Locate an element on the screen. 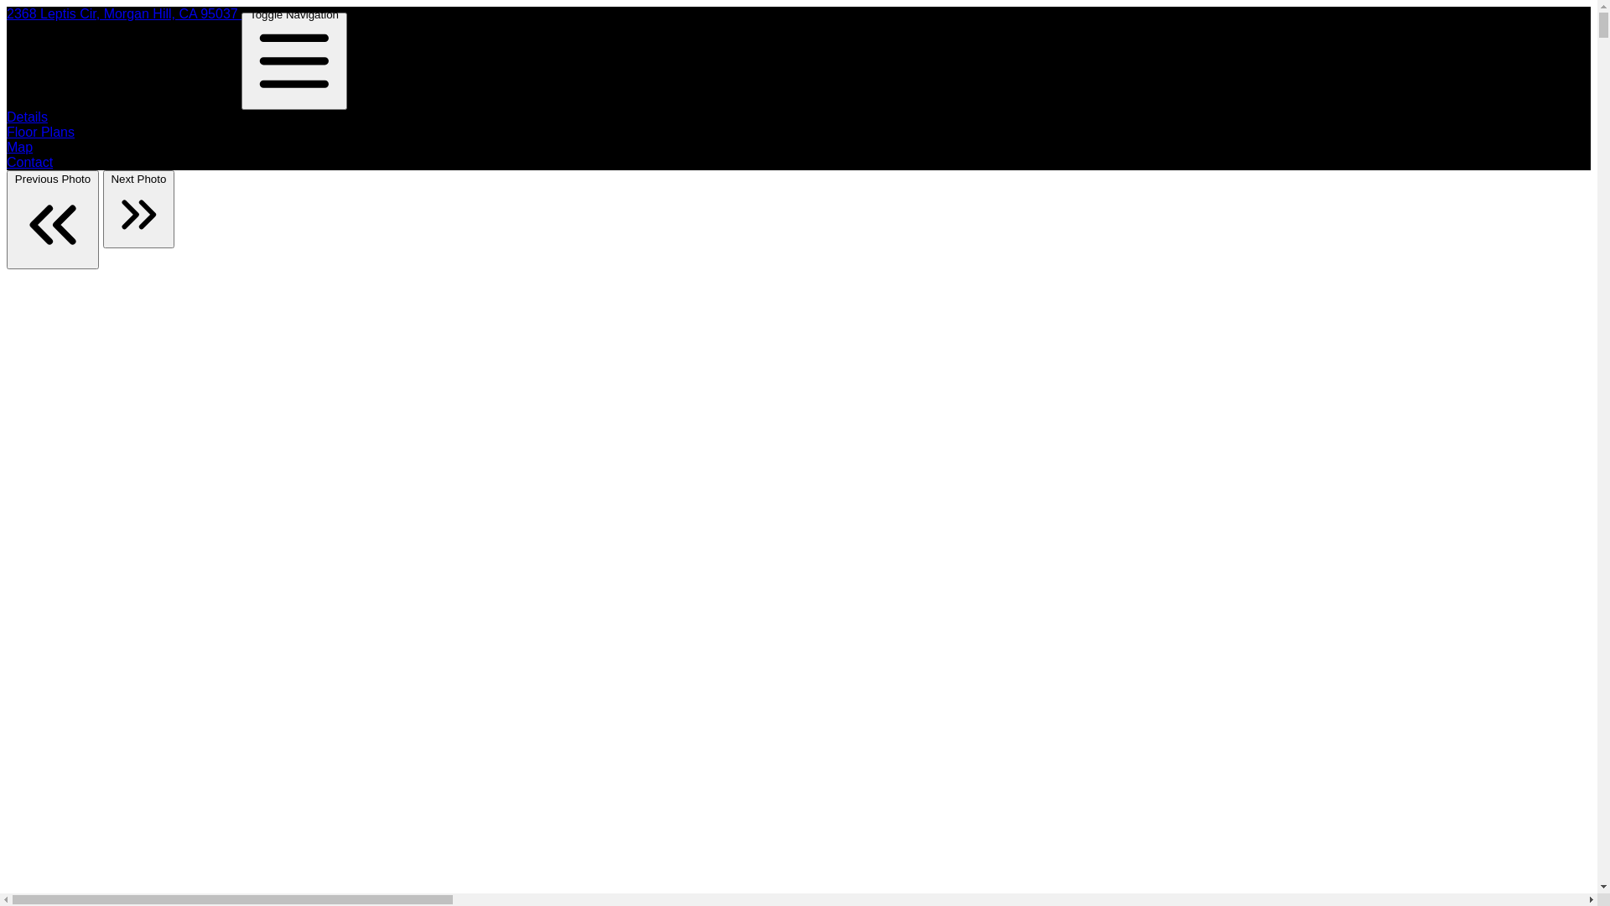  'Floor Plans' is located at coordinates (40, 131).